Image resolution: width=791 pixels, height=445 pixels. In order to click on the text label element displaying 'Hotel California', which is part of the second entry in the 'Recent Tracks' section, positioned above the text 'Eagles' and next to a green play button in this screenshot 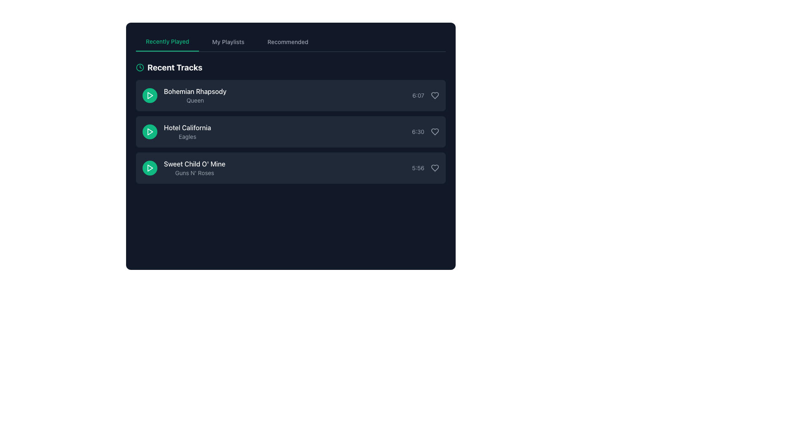, I will do `click(187, 127)`.